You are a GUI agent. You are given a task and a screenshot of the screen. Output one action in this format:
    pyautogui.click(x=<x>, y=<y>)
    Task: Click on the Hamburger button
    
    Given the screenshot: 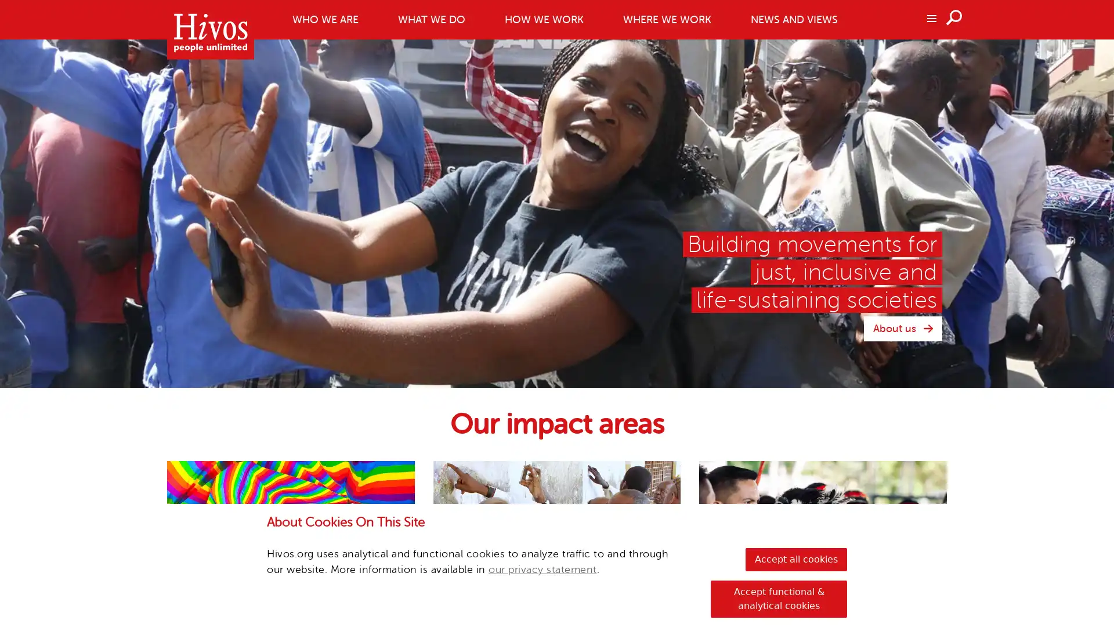 What is the action you would take?
    pyautogui.click(x=930, y=17)
    